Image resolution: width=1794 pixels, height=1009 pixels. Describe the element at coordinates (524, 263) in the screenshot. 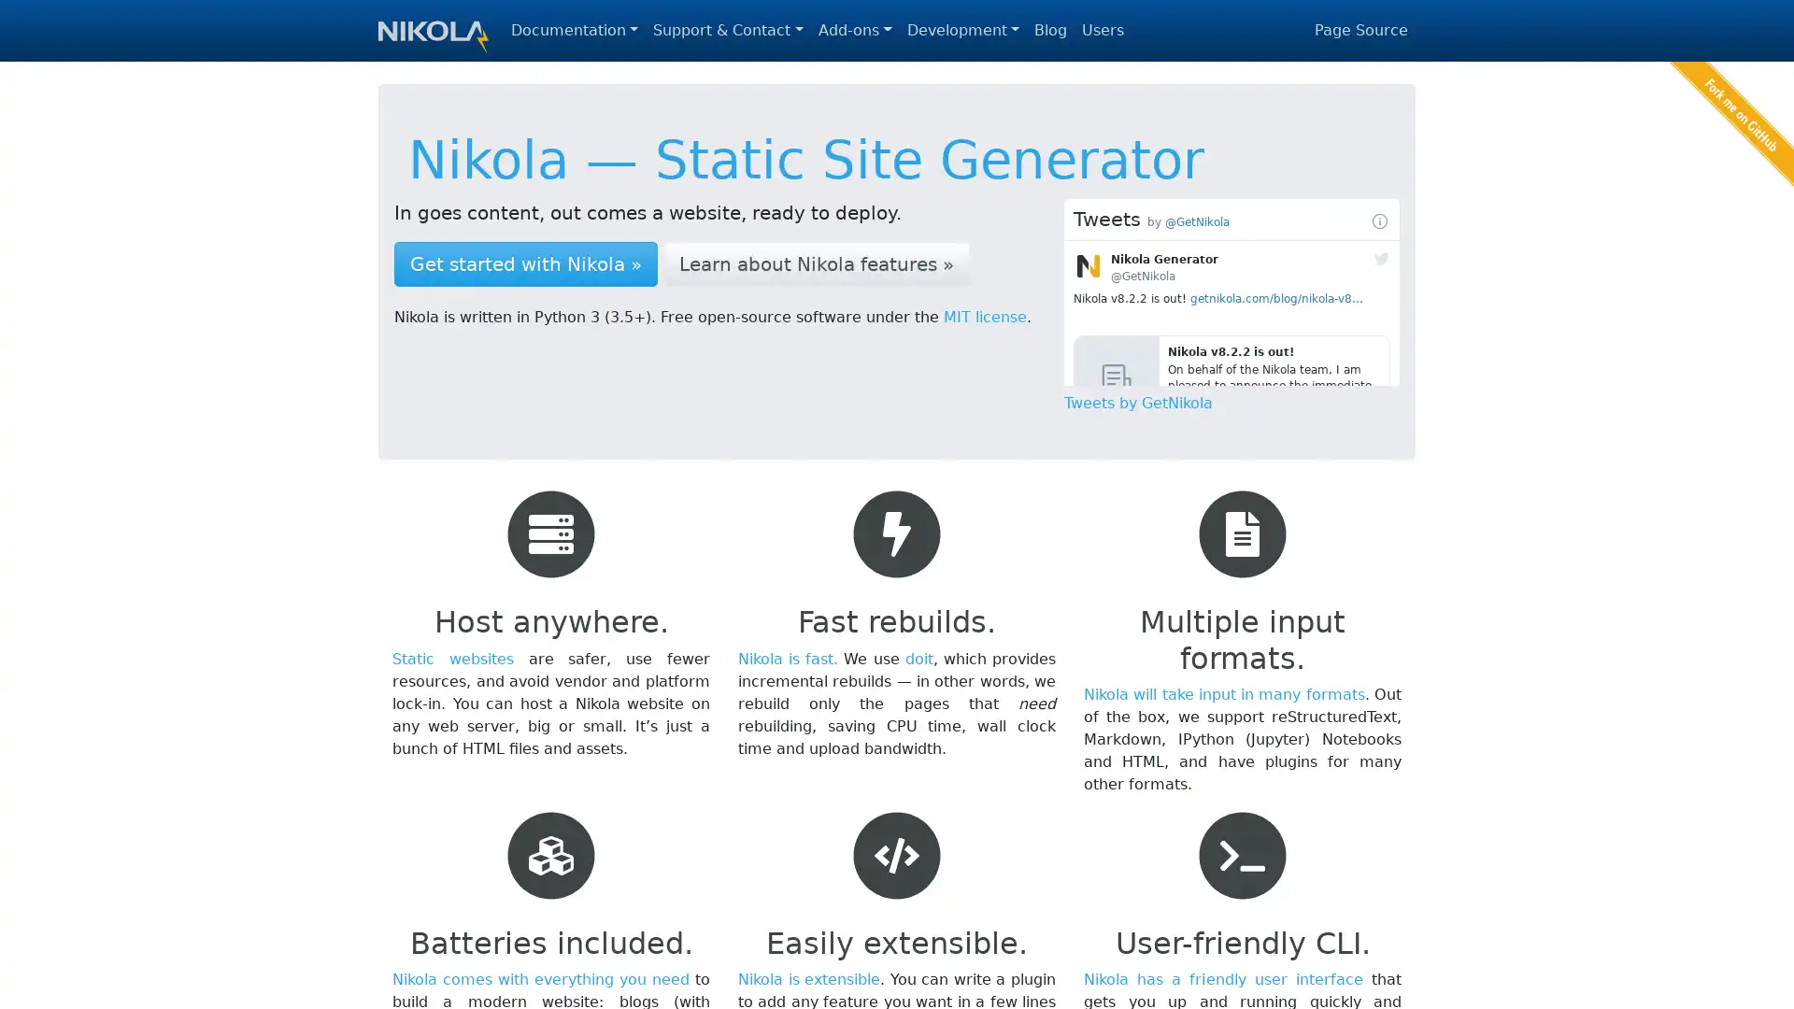

I see `Get started with Nikola` at that location.